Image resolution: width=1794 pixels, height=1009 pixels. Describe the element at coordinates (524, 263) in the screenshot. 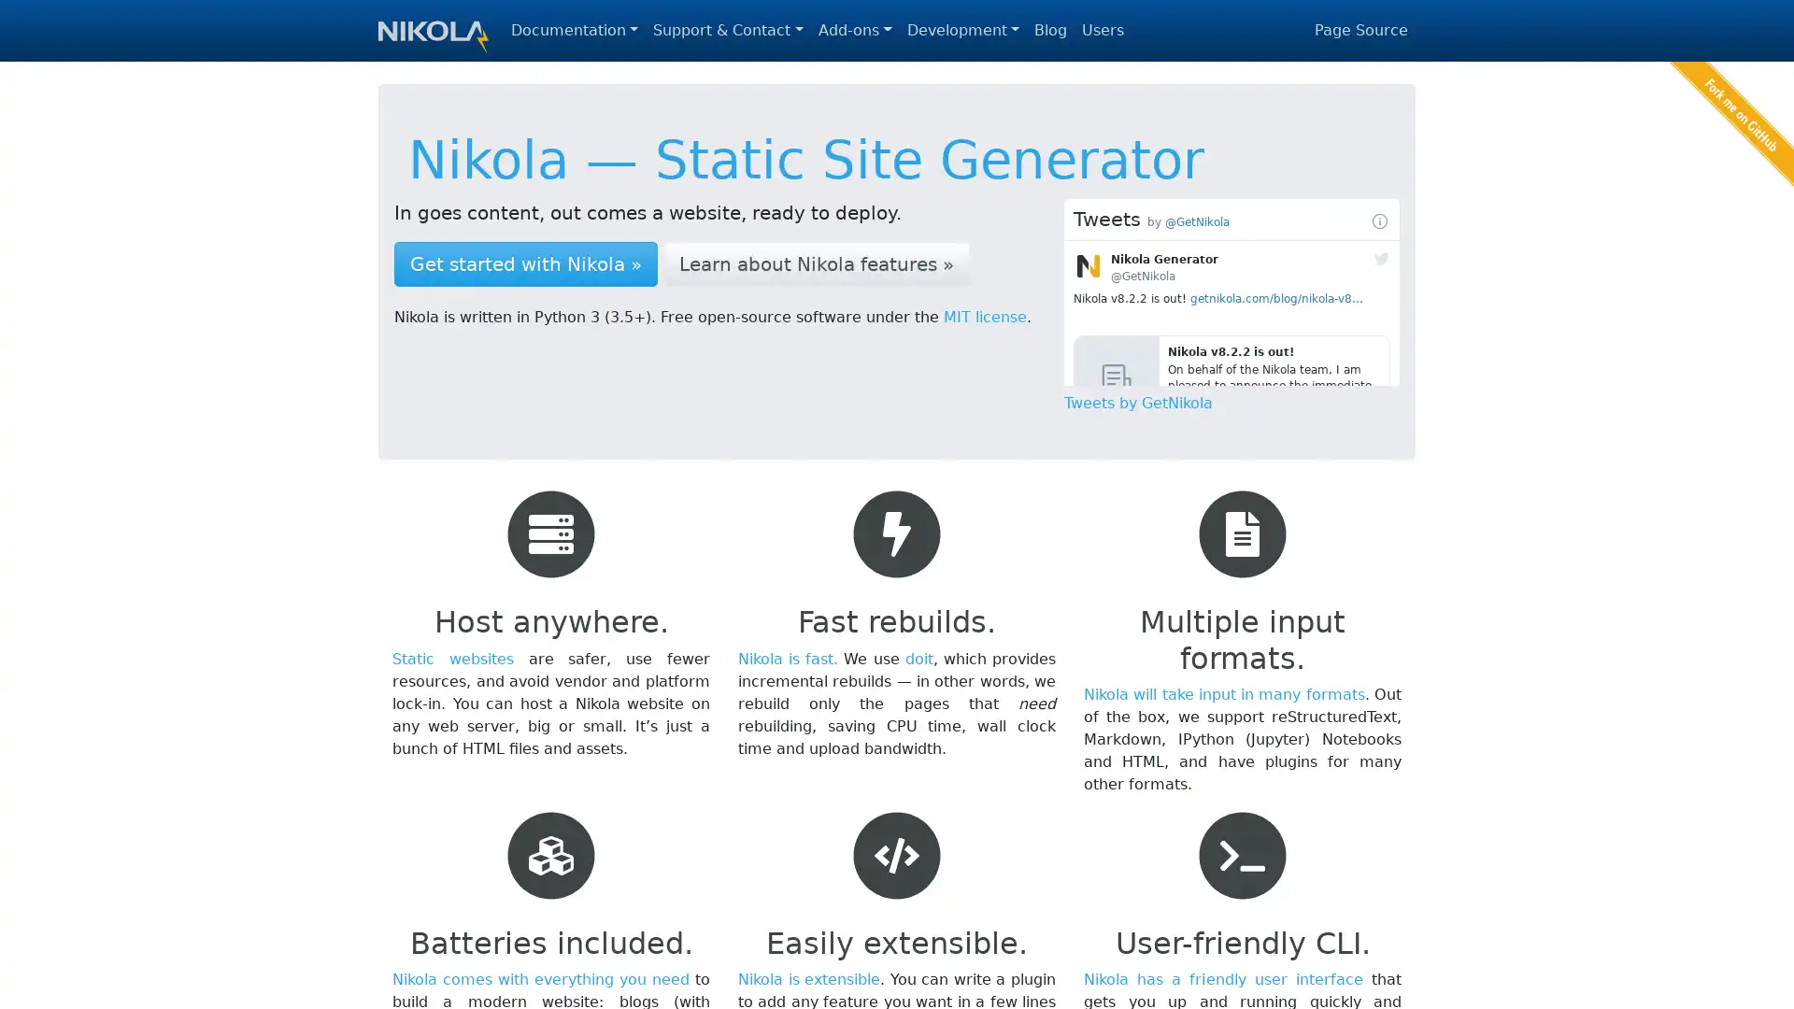

I see `Get started with Nikola` at that location.